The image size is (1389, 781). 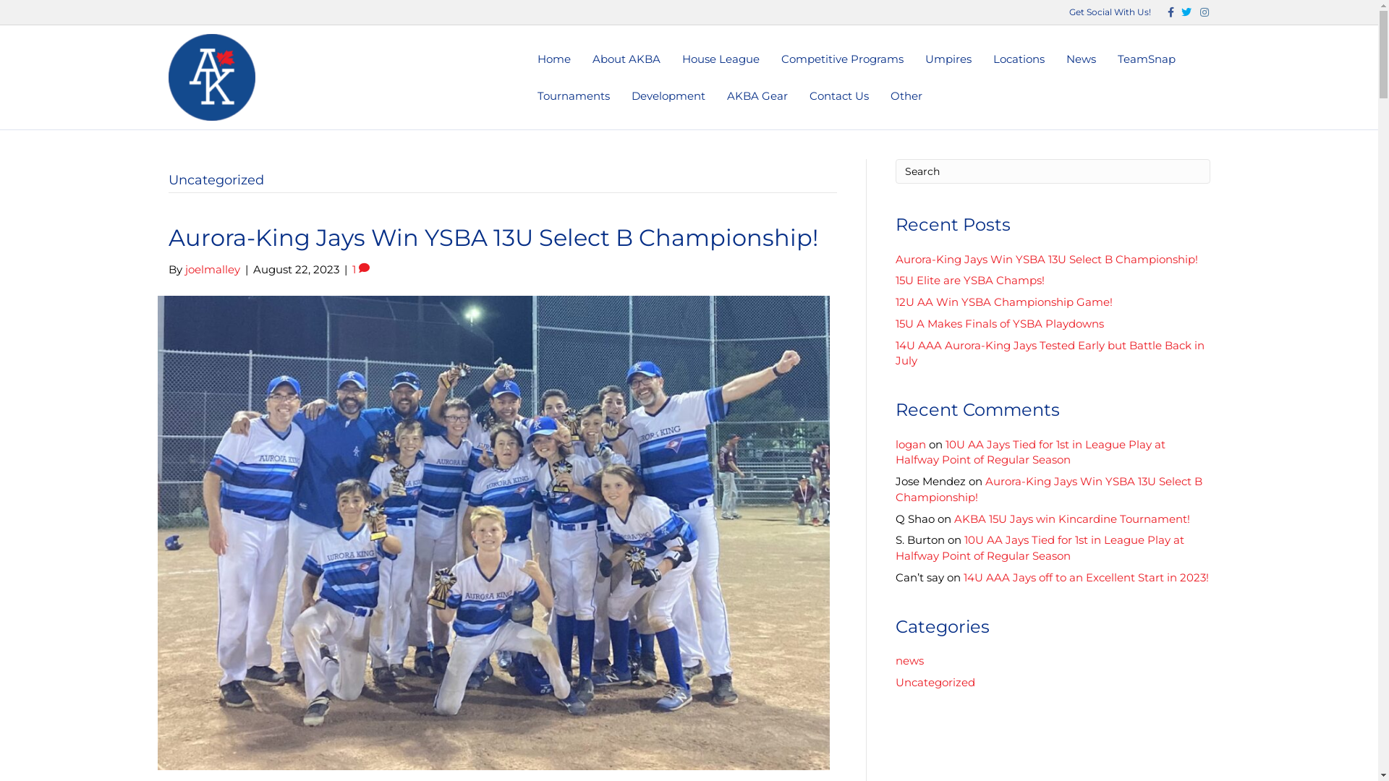 I want to click on 'Home', so click(x=526, y=58).